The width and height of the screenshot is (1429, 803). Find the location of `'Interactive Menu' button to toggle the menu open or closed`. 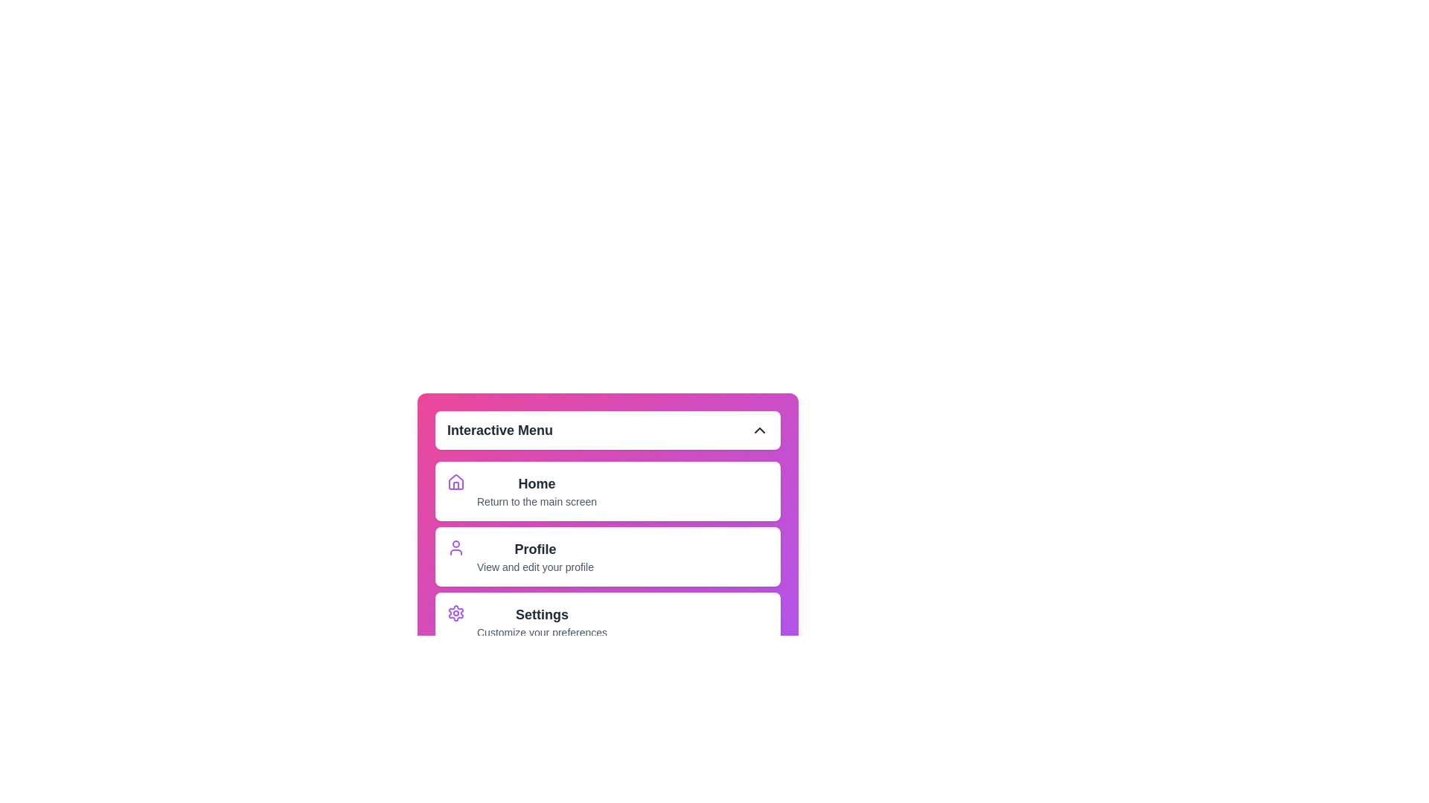

'Interactive Menu' button to toggle the menu open or closed is located at coordinates (607, 430).